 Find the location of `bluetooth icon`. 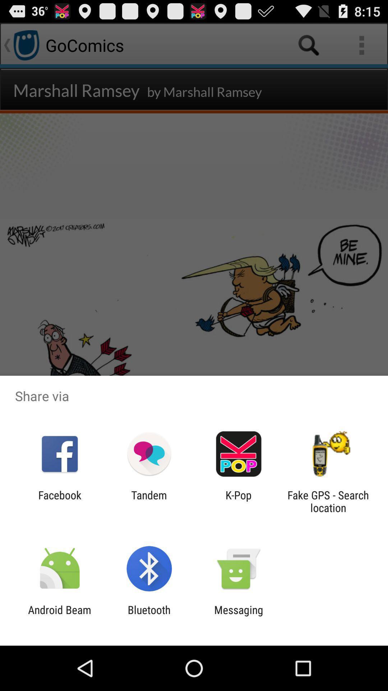

bluetooth icon is located at coordinates (149, 616).